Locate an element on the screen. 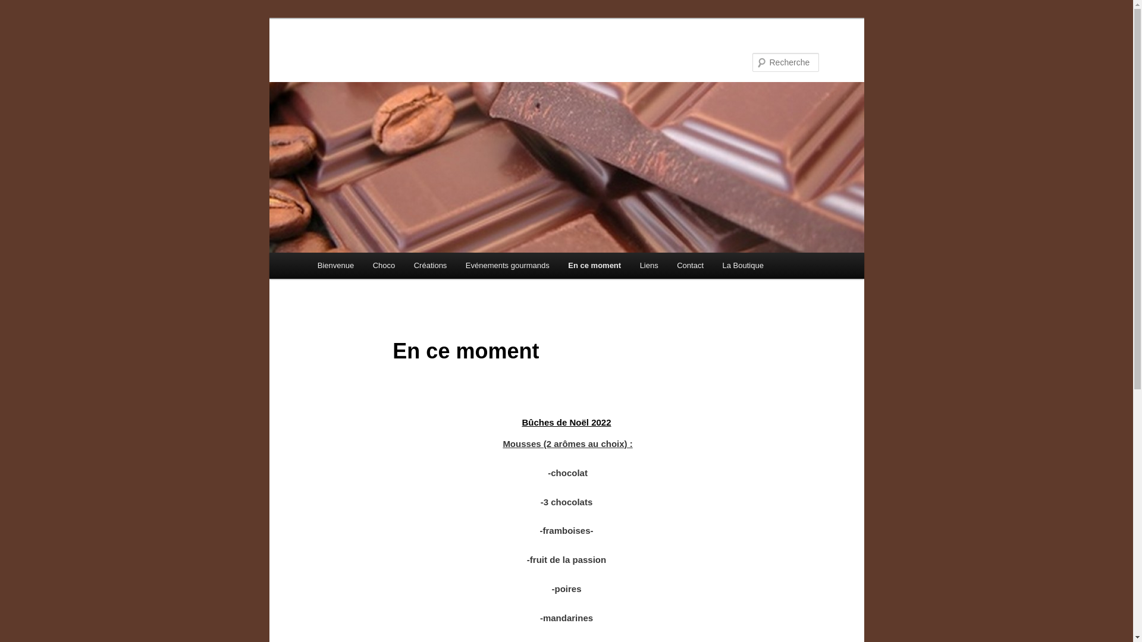  'En ce moment' is located at coordinates (559, 265).